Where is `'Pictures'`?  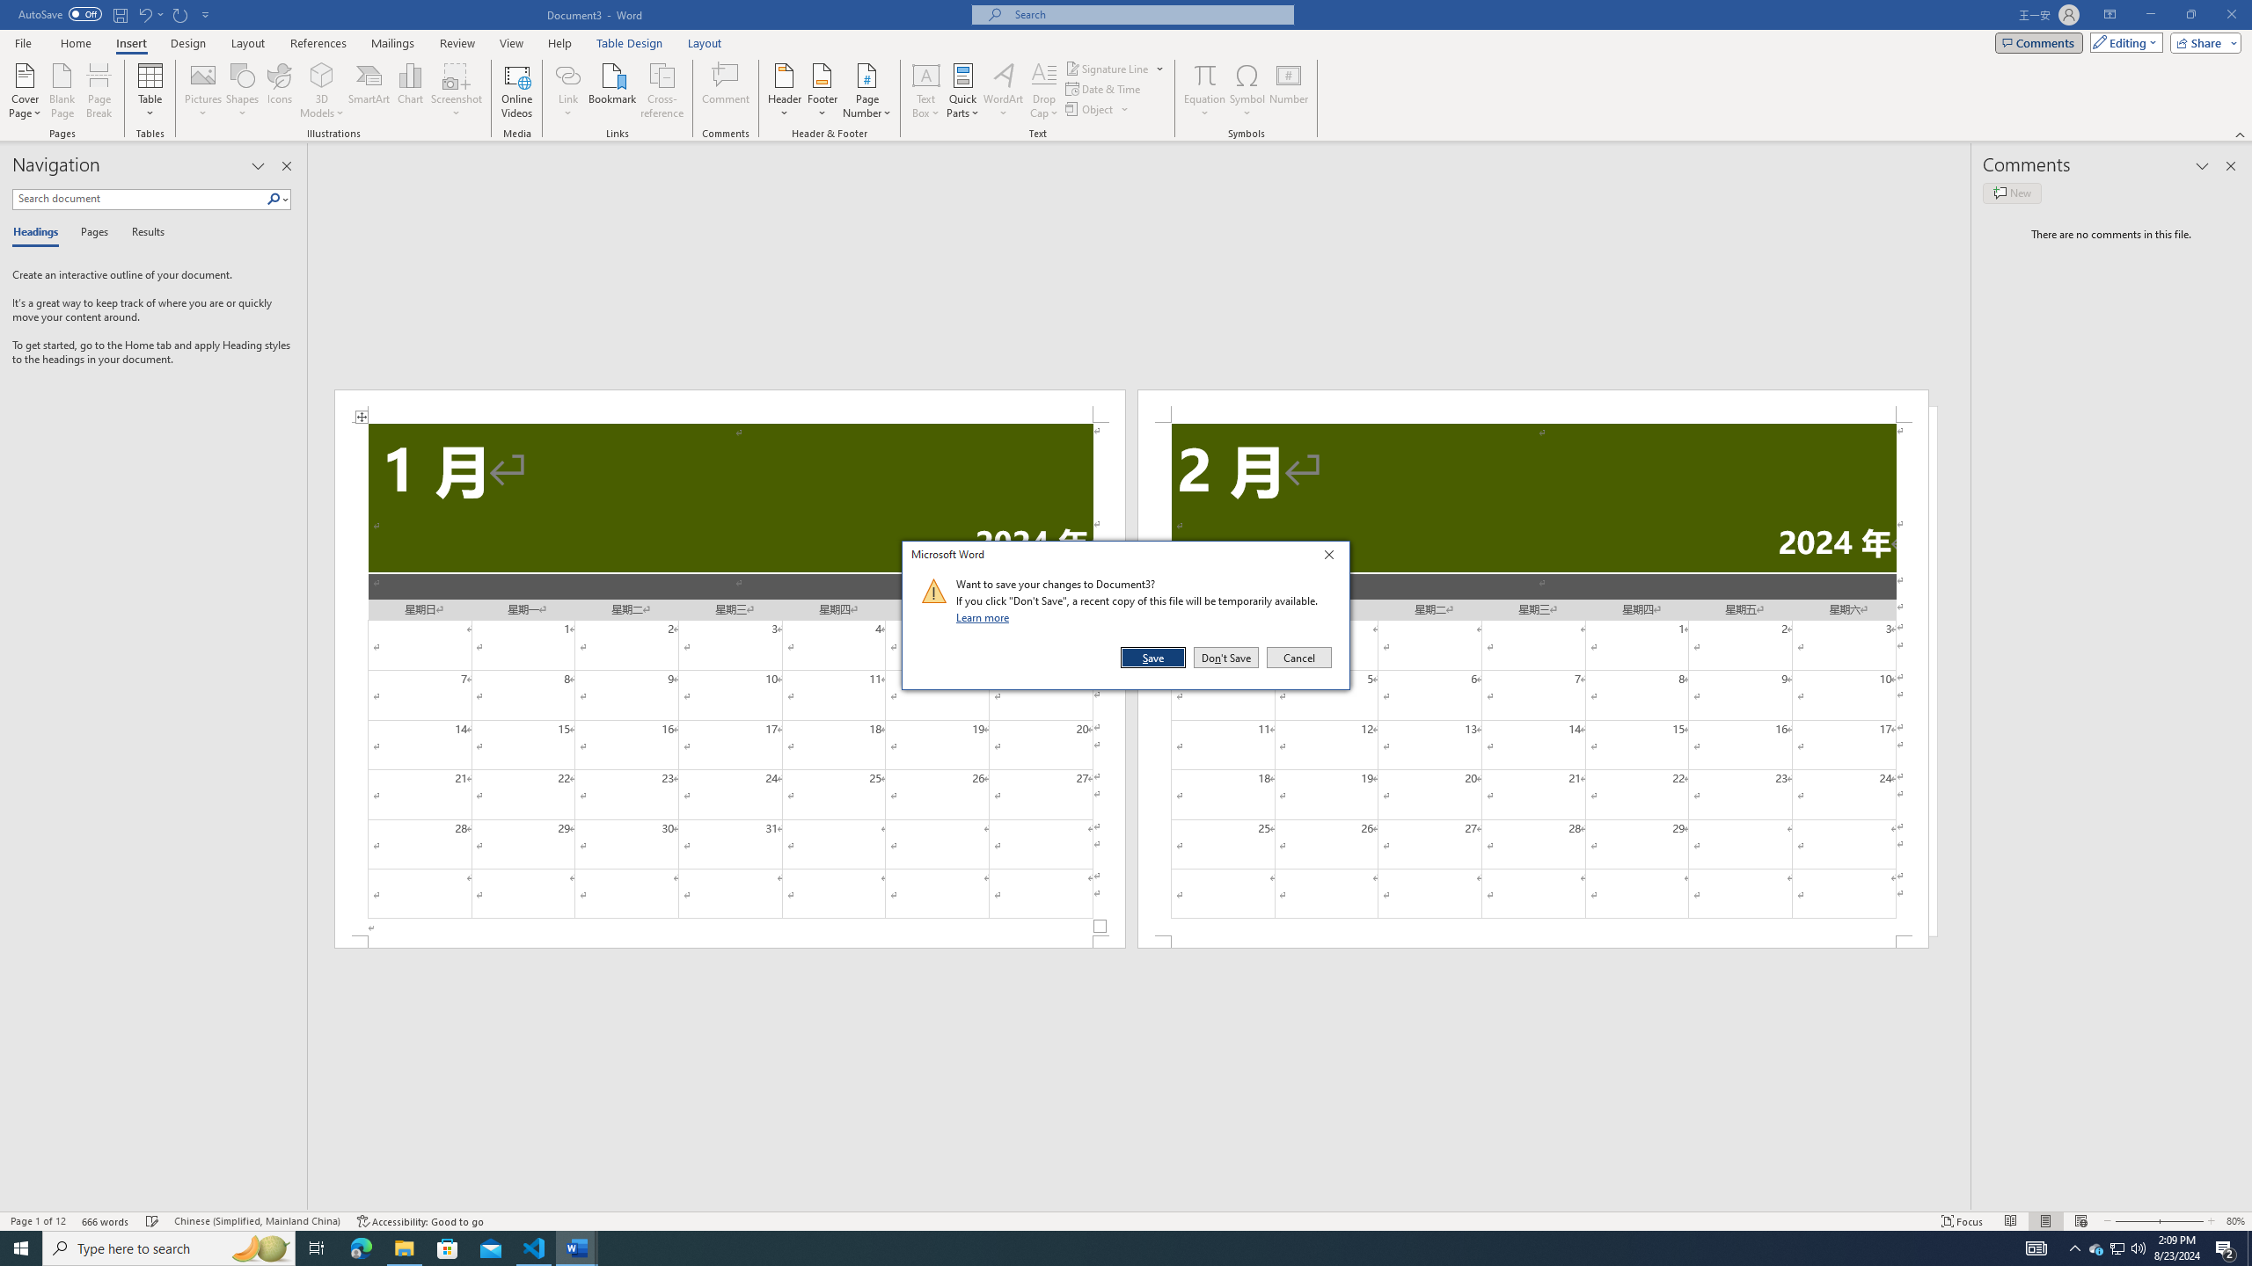
'Pictures' is located at coordinates (203, 91).